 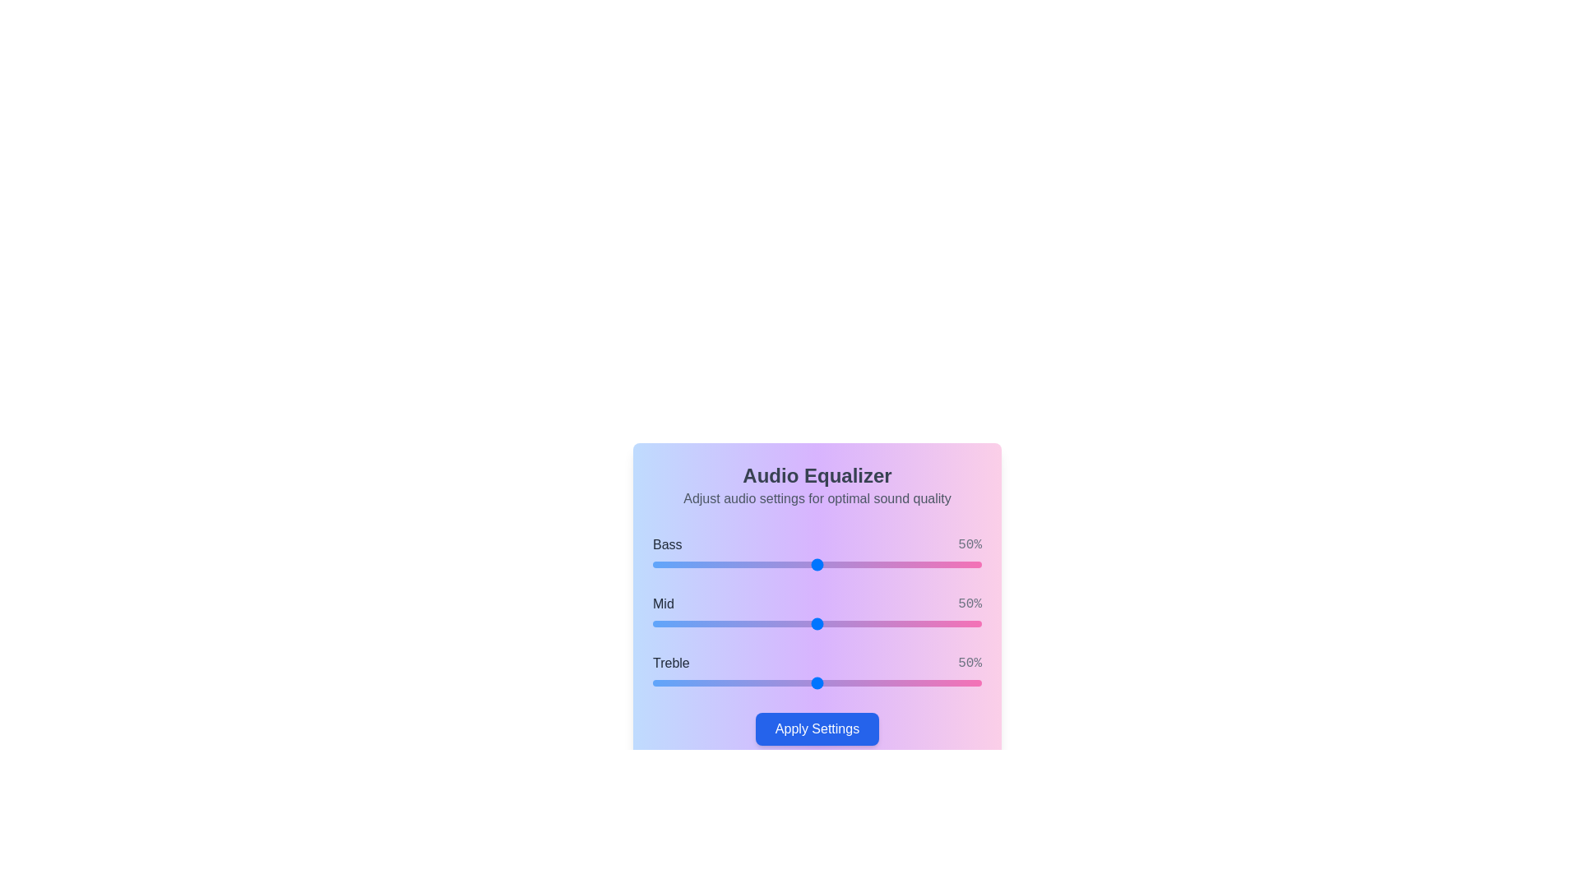 What do you see at coordinates (866, 563) in the screenshot?
I see `the 0 slider to 65%` at bounding box center [866, 563].